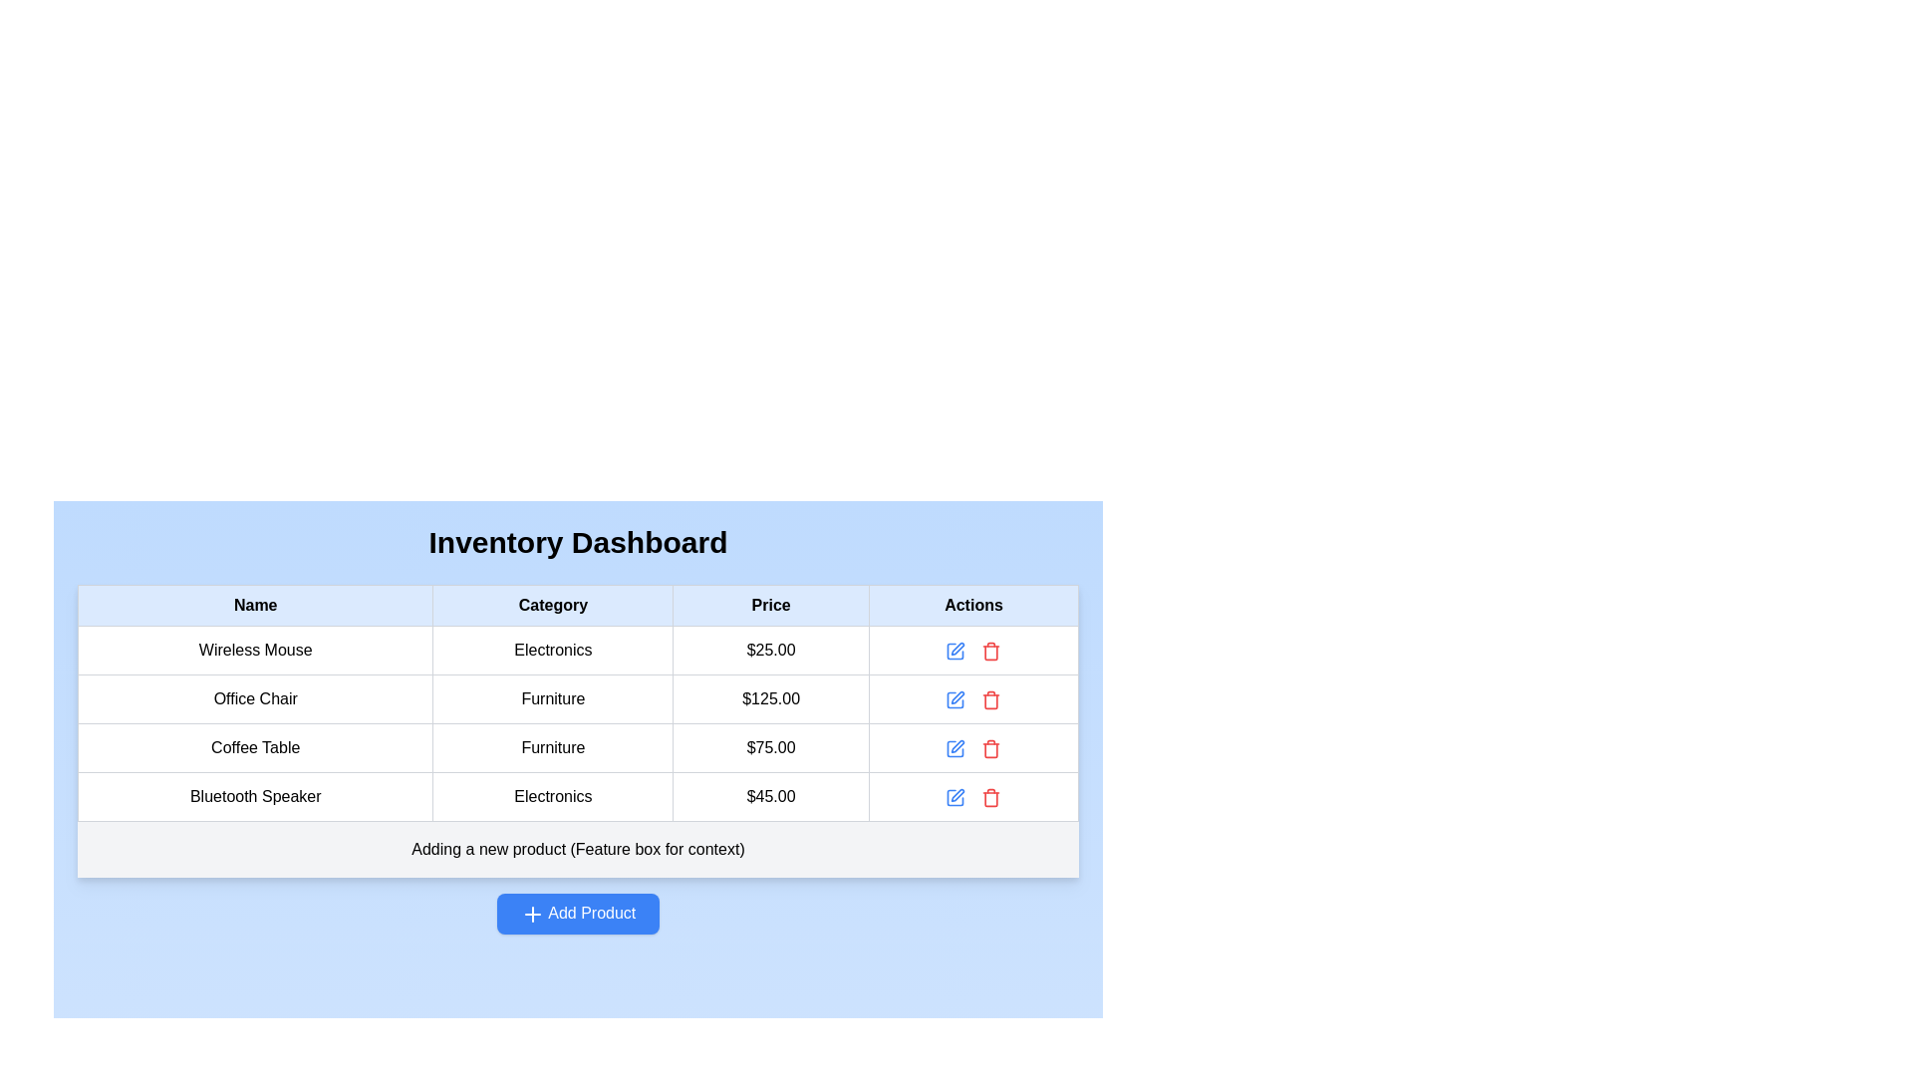  I want to click on the text element representing the name of the product, so click(254, 748).